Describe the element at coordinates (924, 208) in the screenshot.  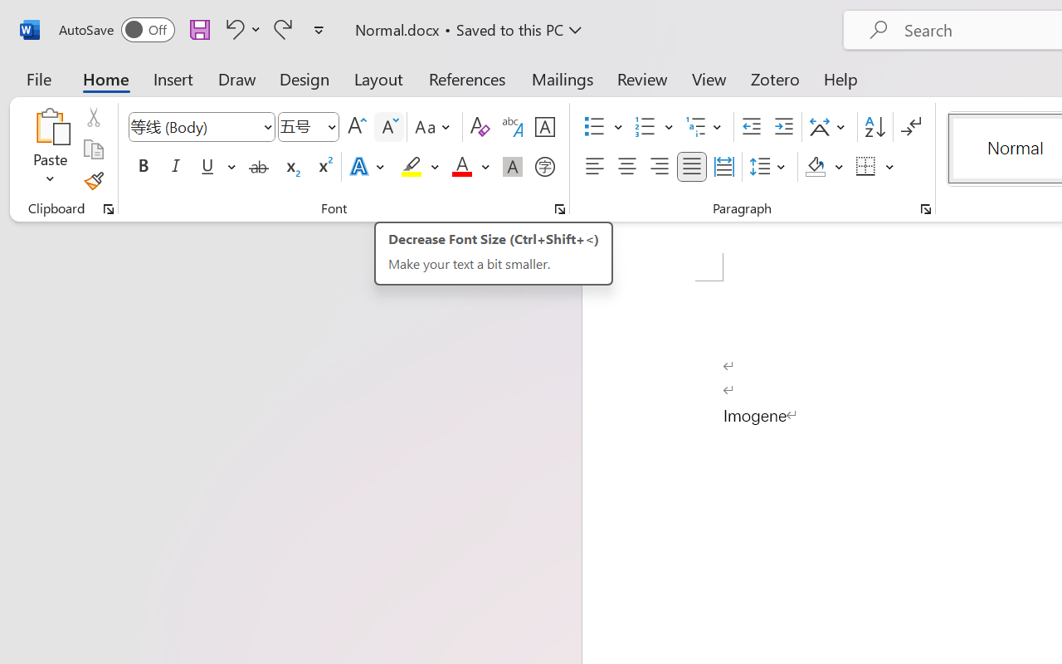
I see `'Paragraph...'` at that location.